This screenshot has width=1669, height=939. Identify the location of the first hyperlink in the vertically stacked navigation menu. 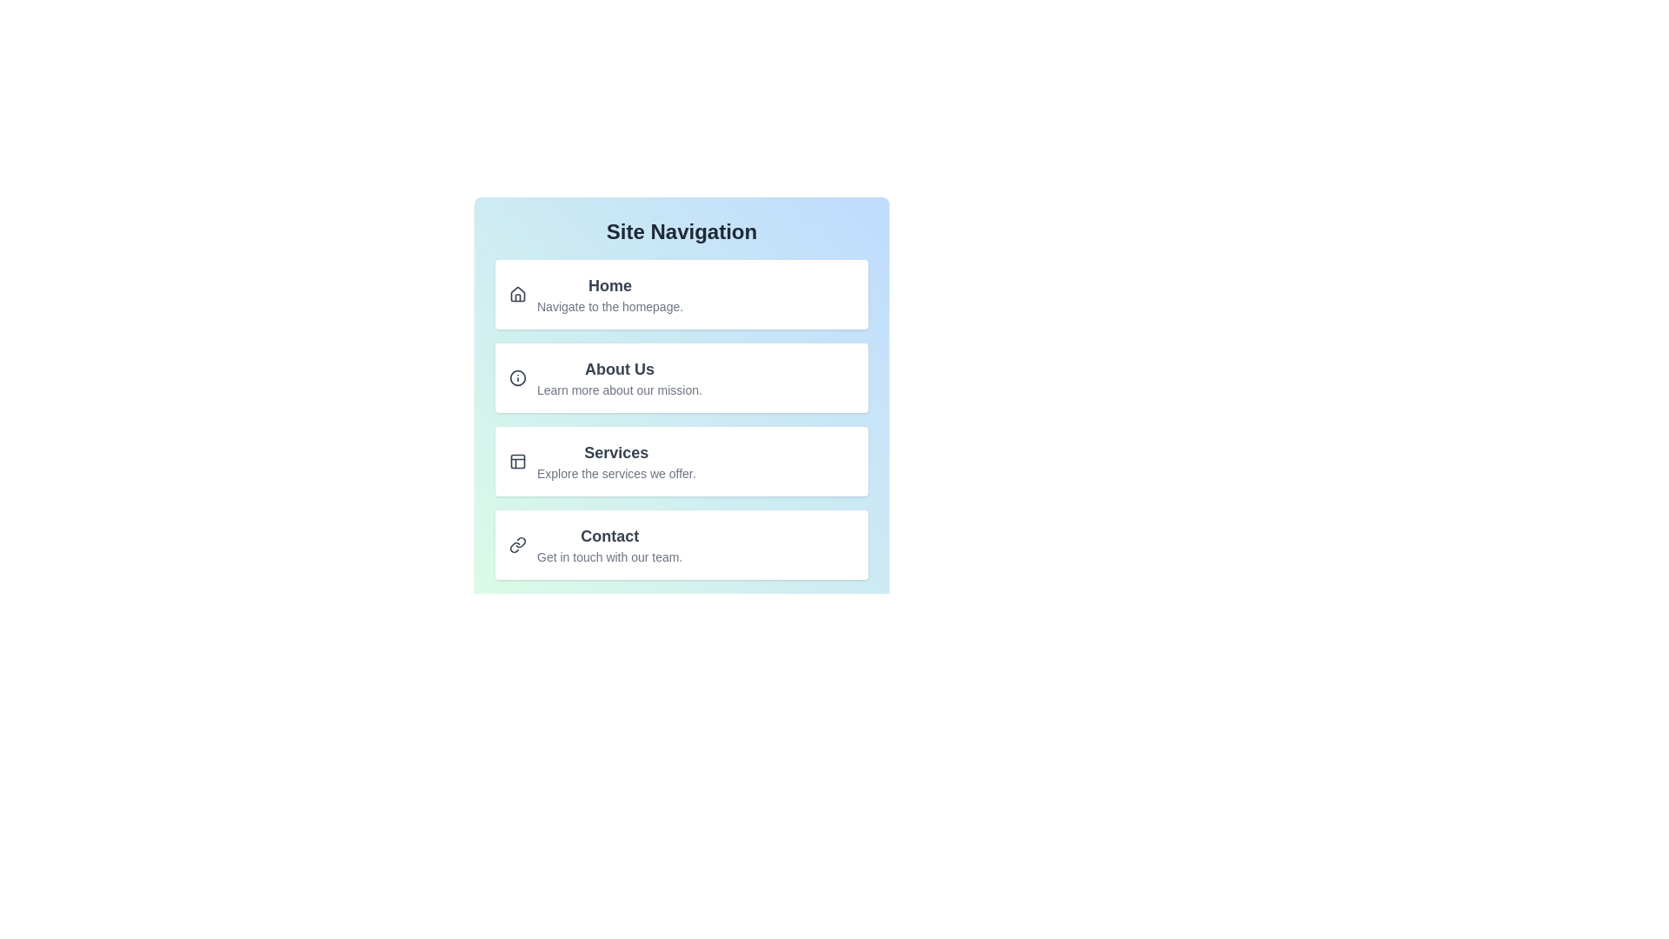
(681, 294).